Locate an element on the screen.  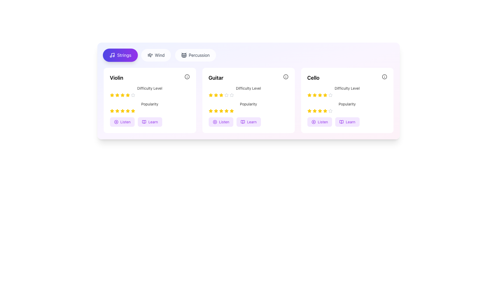
the fourth golden-yellow rating star icon located under the 'Popularity' label in the 'Cello' card to interact with the rating is located at coordinates (319, 110).